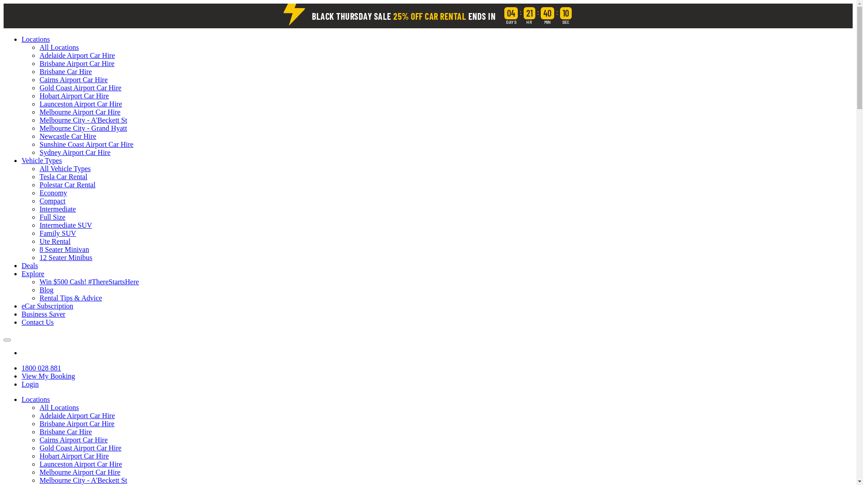  I want to click on 'Brisbane Car Hire', so click(65, 431).